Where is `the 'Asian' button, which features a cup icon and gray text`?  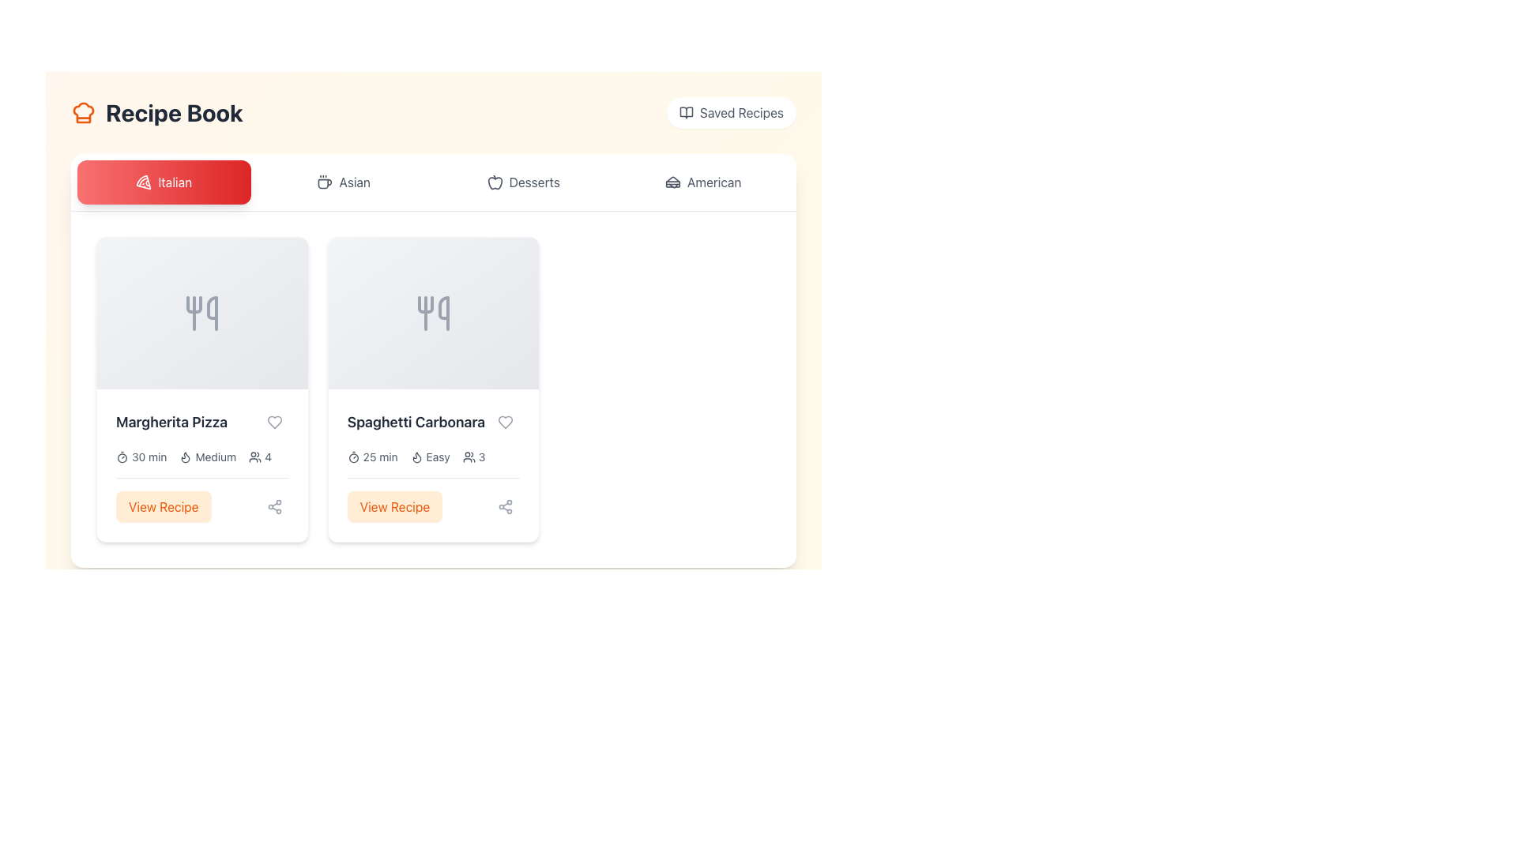
the 'Asian' button, which features a cup icon and gray text is located at coordinates (343, 182).